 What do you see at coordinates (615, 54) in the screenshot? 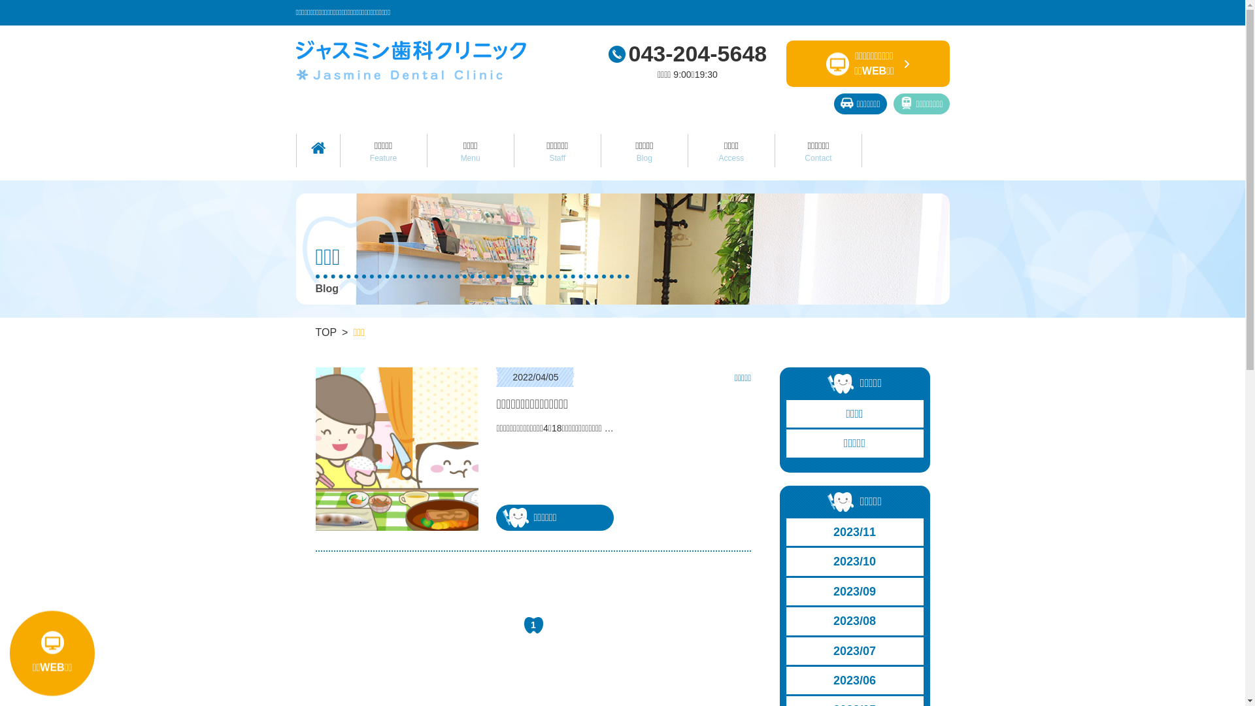
I see `'TEL'` at bounding box center [615, 54].